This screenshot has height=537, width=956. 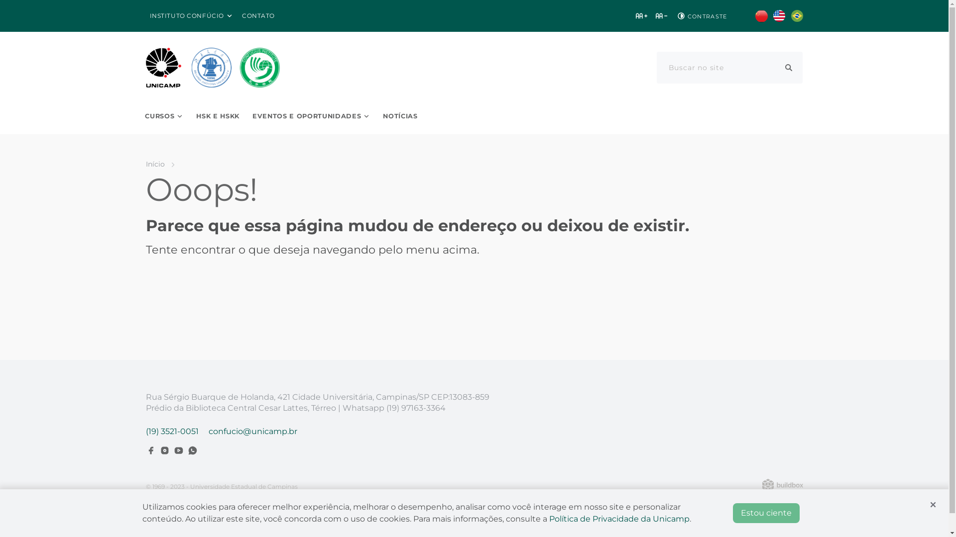 What do you see at coordinates (655, 15) in the screenshot?
I see `'Diminuir fonte'` at bounding box center [655, 15].